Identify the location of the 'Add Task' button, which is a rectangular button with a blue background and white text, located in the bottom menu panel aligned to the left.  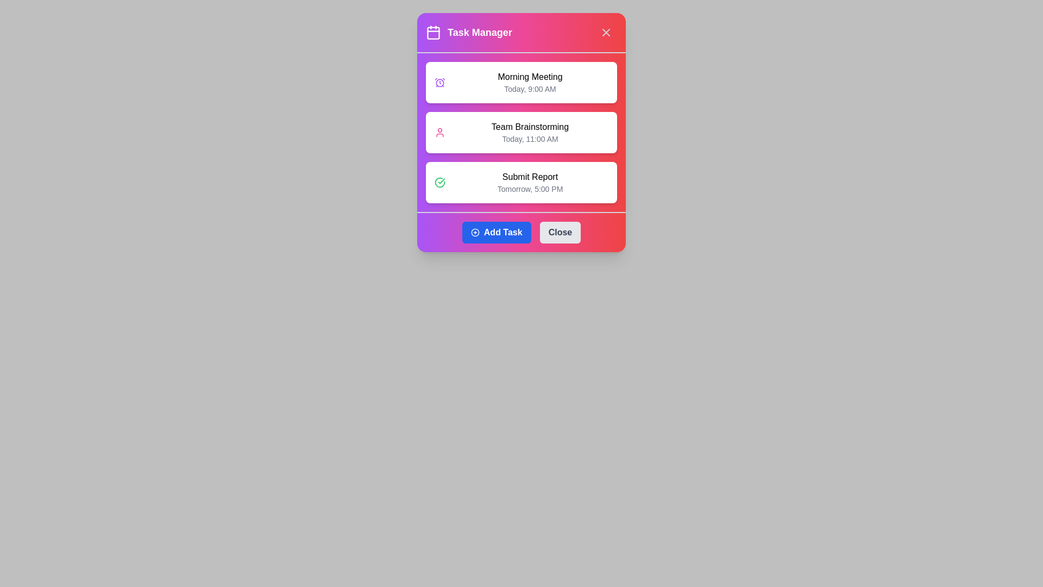
(521, 232).